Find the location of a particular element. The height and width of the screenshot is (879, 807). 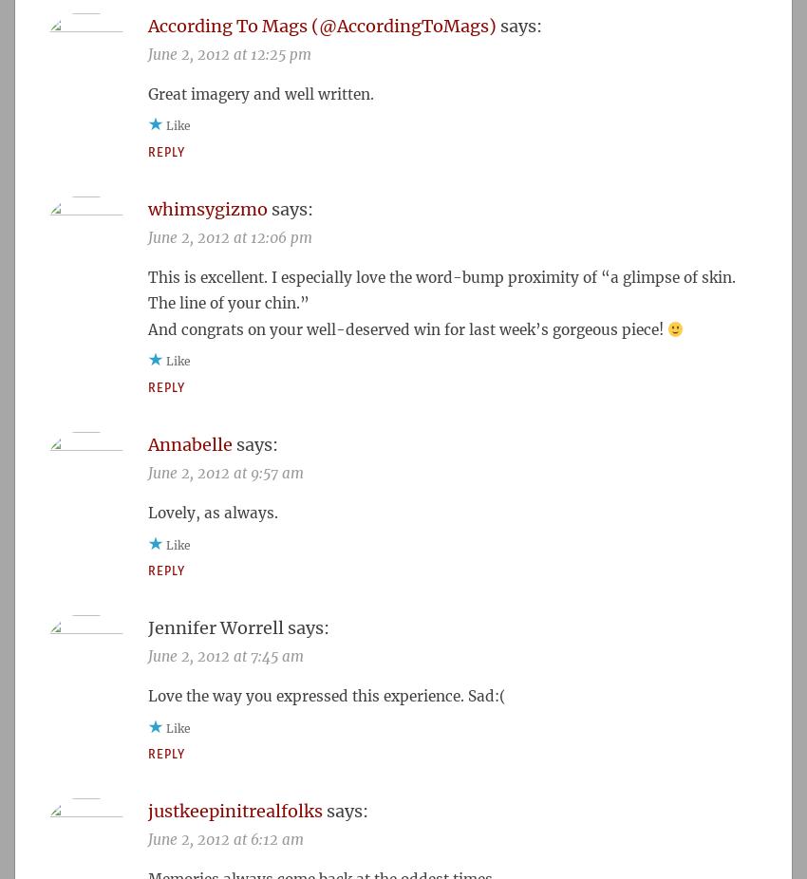

'Annabelle' is located at coordinates (189, 442).